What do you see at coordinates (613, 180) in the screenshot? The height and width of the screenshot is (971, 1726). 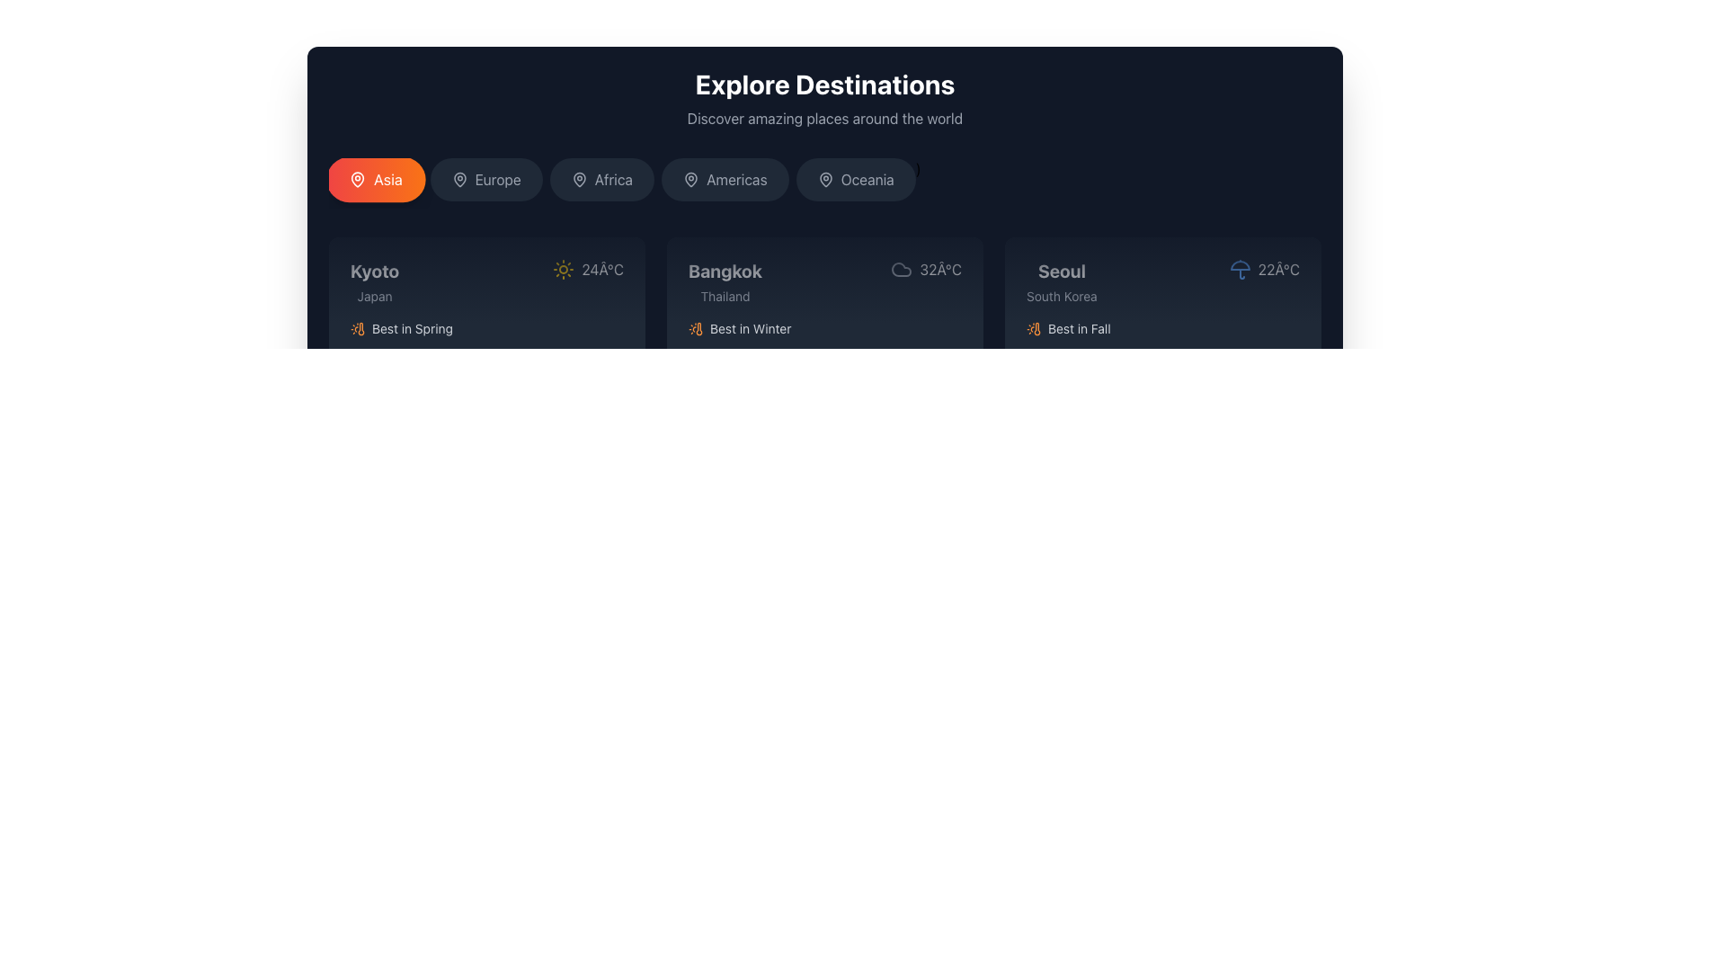 I see `the text label 'Africa', which is styled in gray and is the third clickable option among navigational buttons` at bounding box center [613, 180].